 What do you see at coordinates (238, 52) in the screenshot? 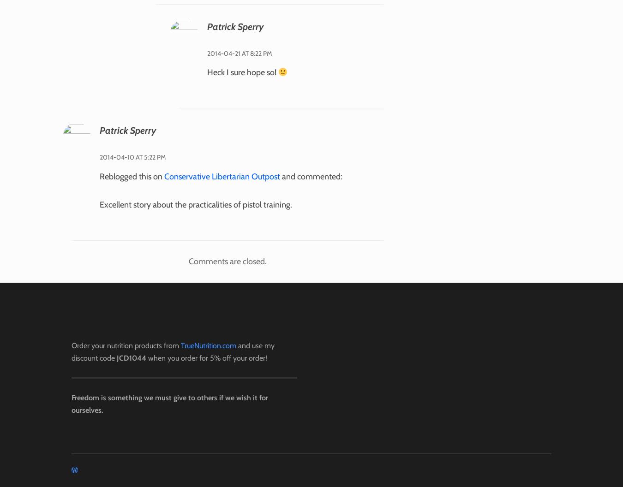
I see `'2014-04-21 at 8:22 pm'` at bounding box center [238, 52].